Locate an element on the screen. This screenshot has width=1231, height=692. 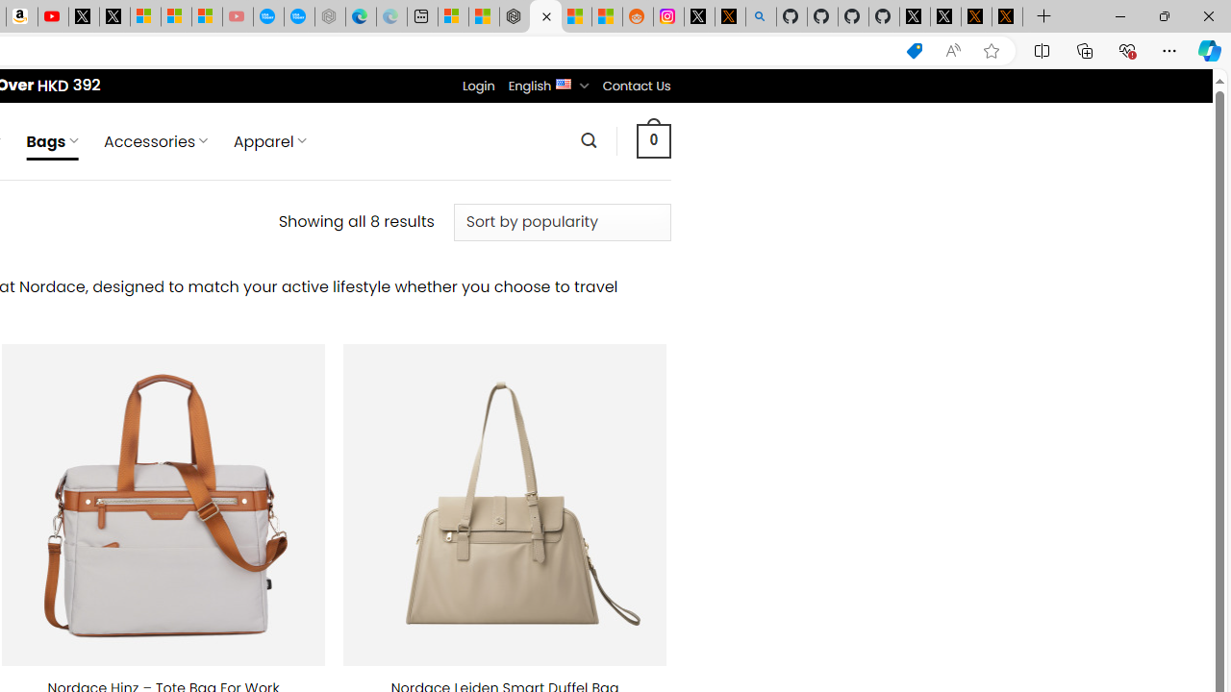
'GitHub (@github) / X' is located at coordinates (945, 16).